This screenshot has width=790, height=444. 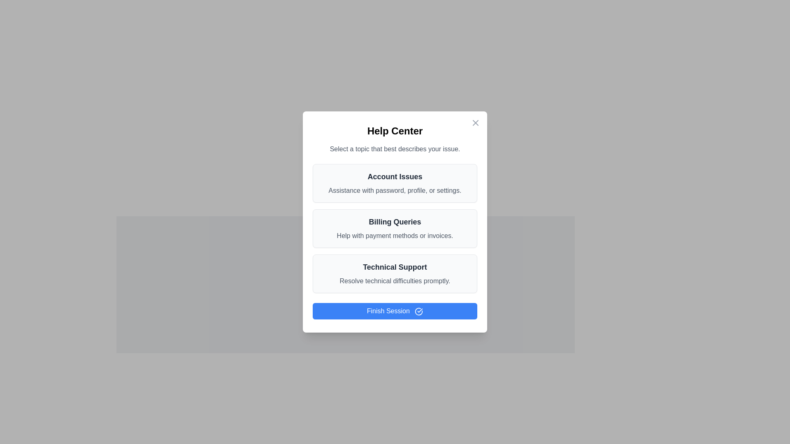 I want to click on the descriptive text label located below the 'Technical Support' title in the 'Help Center' modal, so click(x=395, y=280).